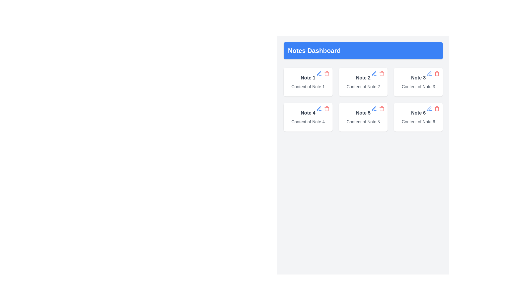  I want to click on the red trash bin icon with rounded corners located in the Notes Dashboard, so click(437, 108).